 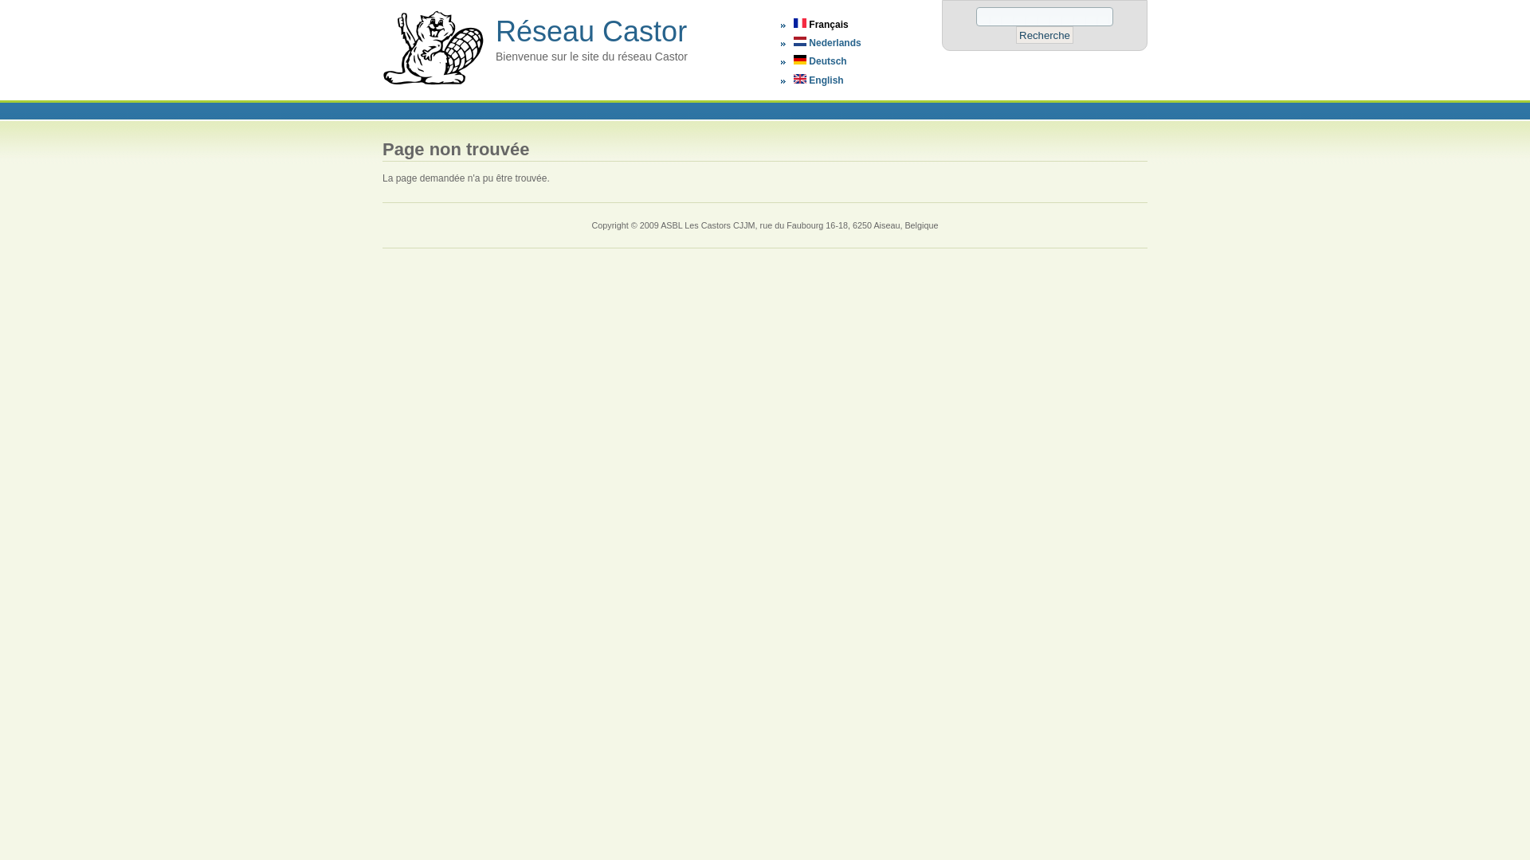 I want to click on 'Accueil', so click(x=433, y=86).